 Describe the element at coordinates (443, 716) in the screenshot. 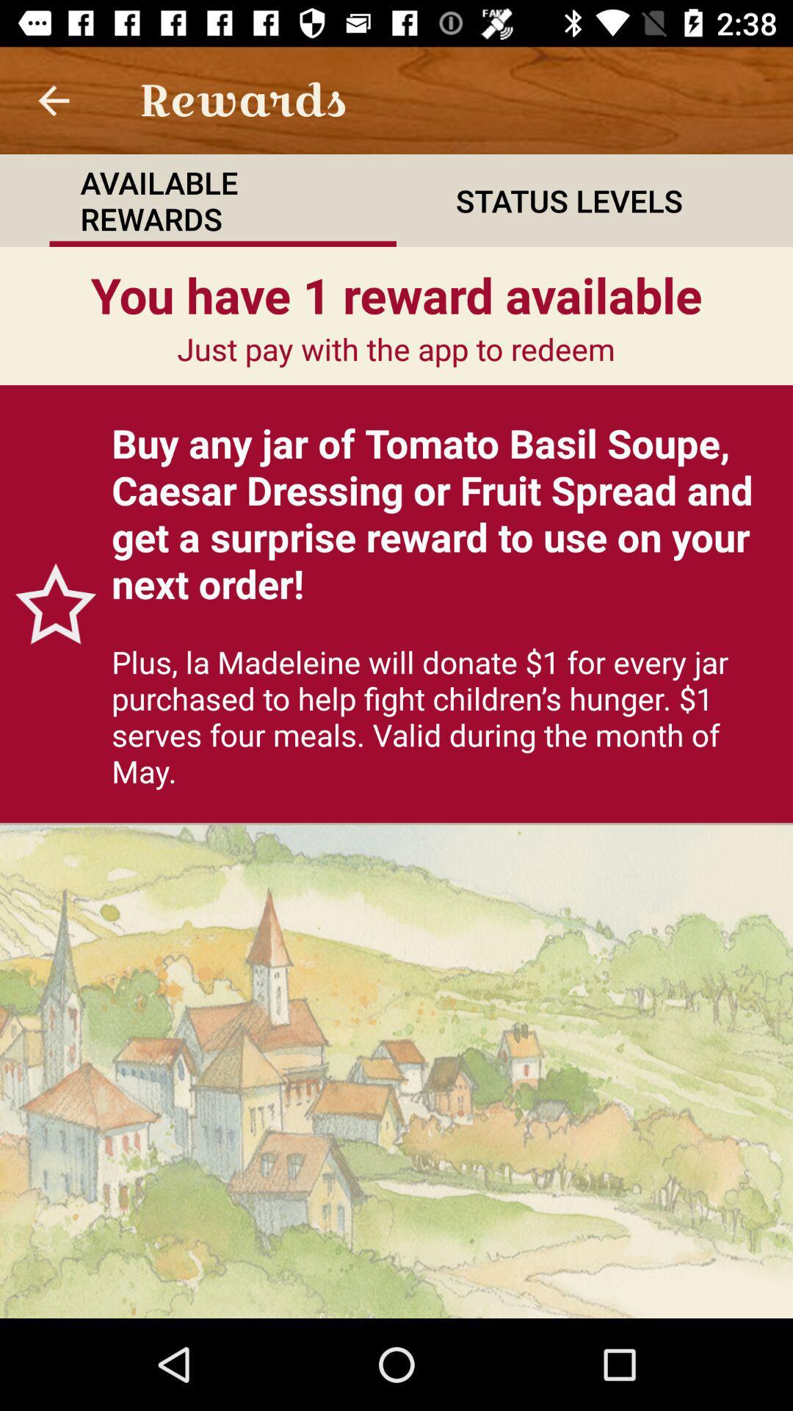

I see `plus la madeleine item` at that location.